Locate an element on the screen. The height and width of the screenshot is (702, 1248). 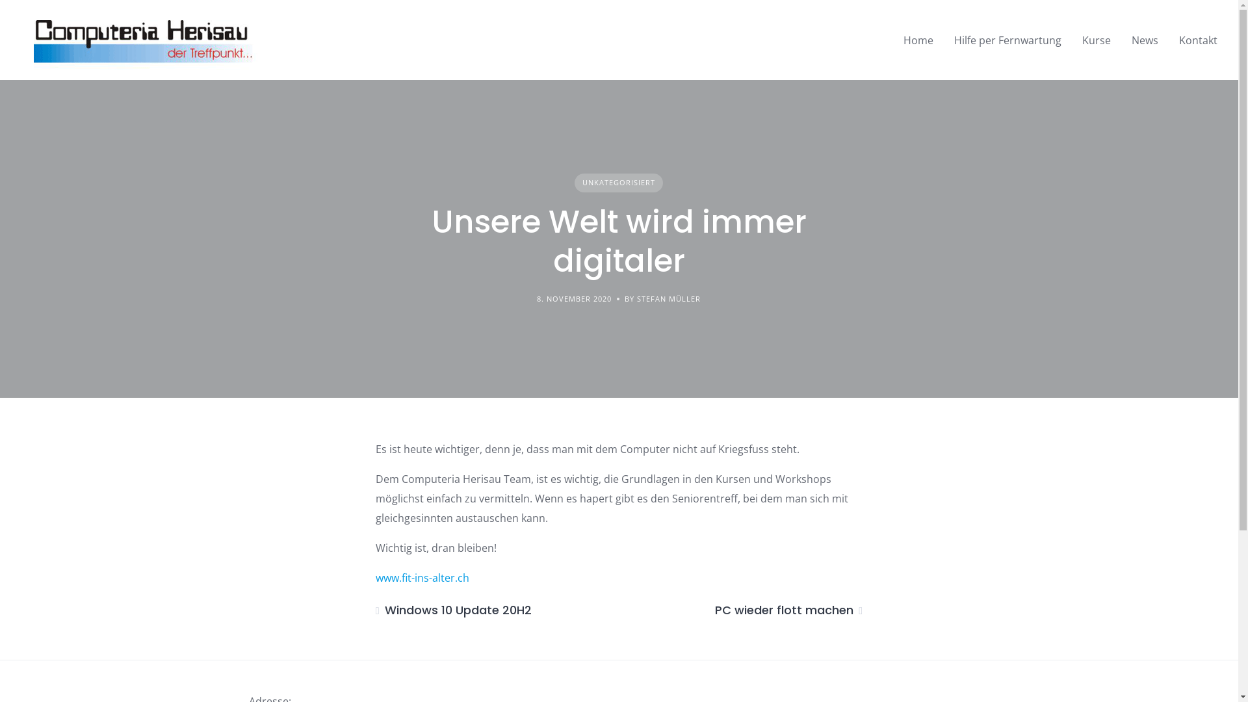
'News' is located at coordinates (1145, 39).